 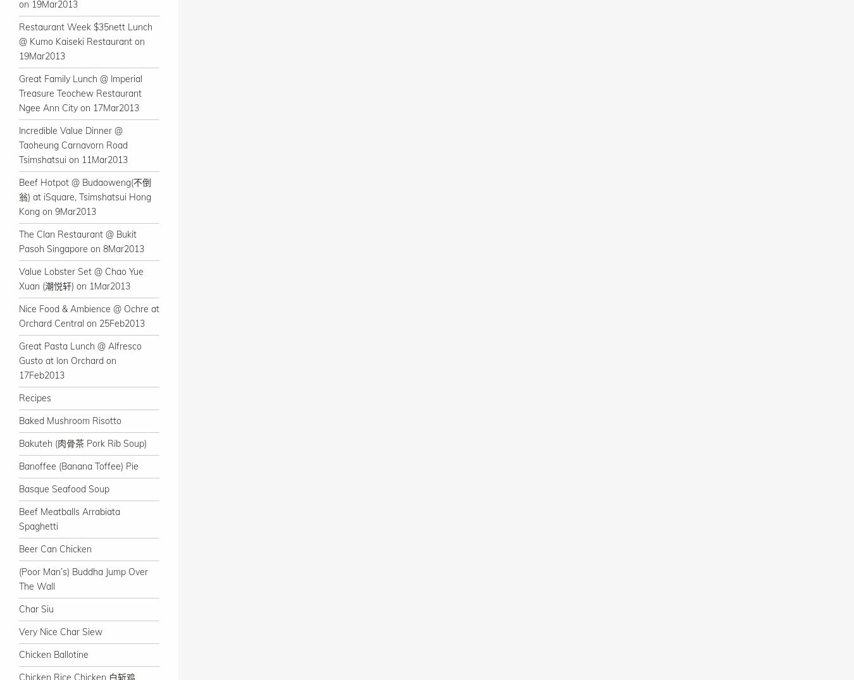 I want to click on 'Nice Food & Ambience @ Ochre at Orchard Central on 25Feb2013', so click(x=18, y=316).